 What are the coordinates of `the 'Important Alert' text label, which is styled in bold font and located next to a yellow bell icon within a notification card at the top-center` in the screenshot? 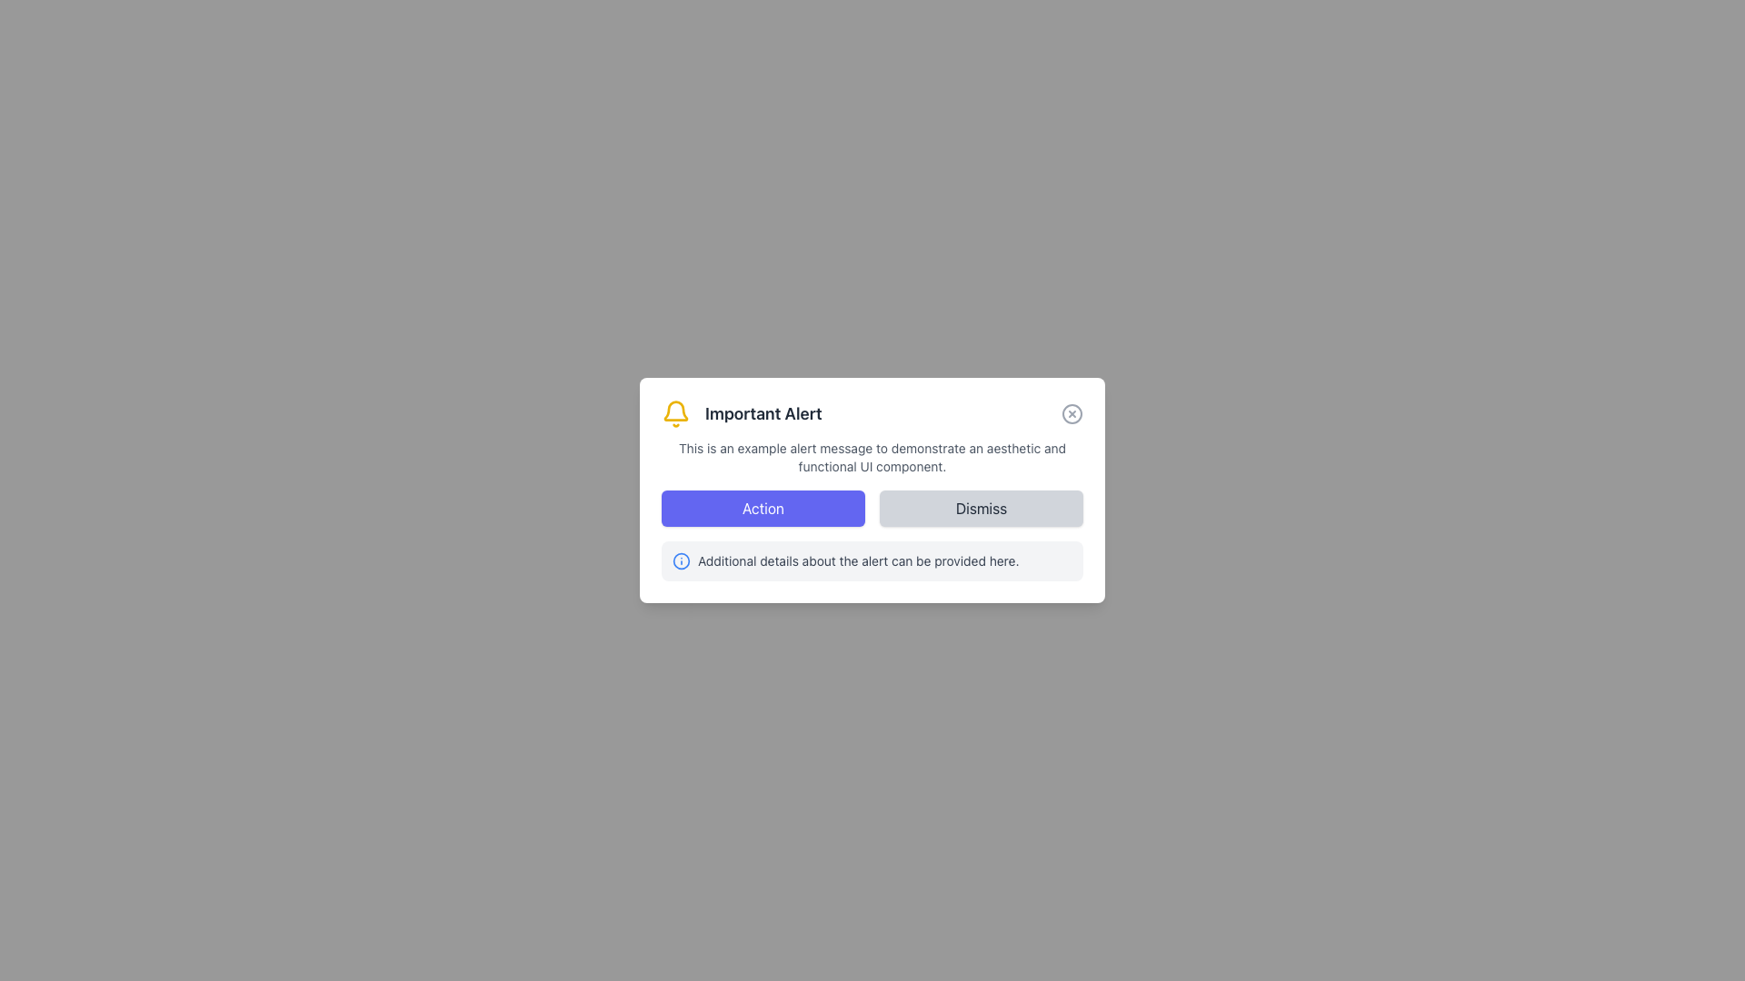 It's located at (742, 413).